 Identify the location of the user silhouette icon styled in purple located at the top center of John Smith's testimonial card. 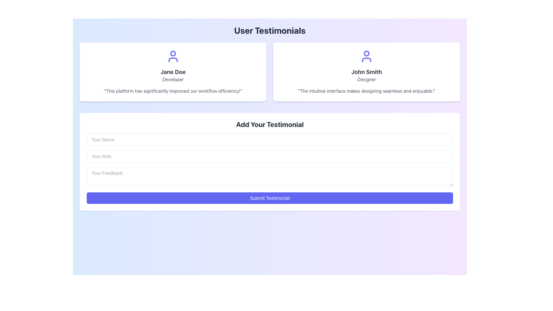
(366, 56).